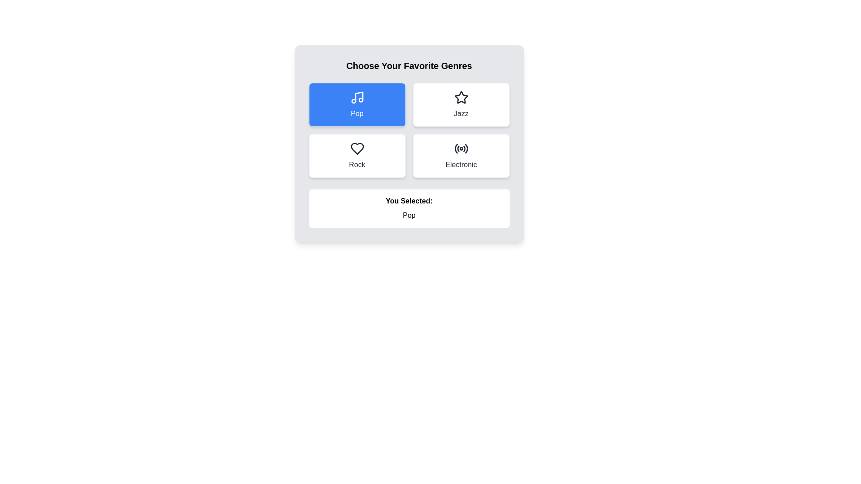 The image size is (861, 484). I want to click on the genre Pop by clicking its button, so click(357, 104).